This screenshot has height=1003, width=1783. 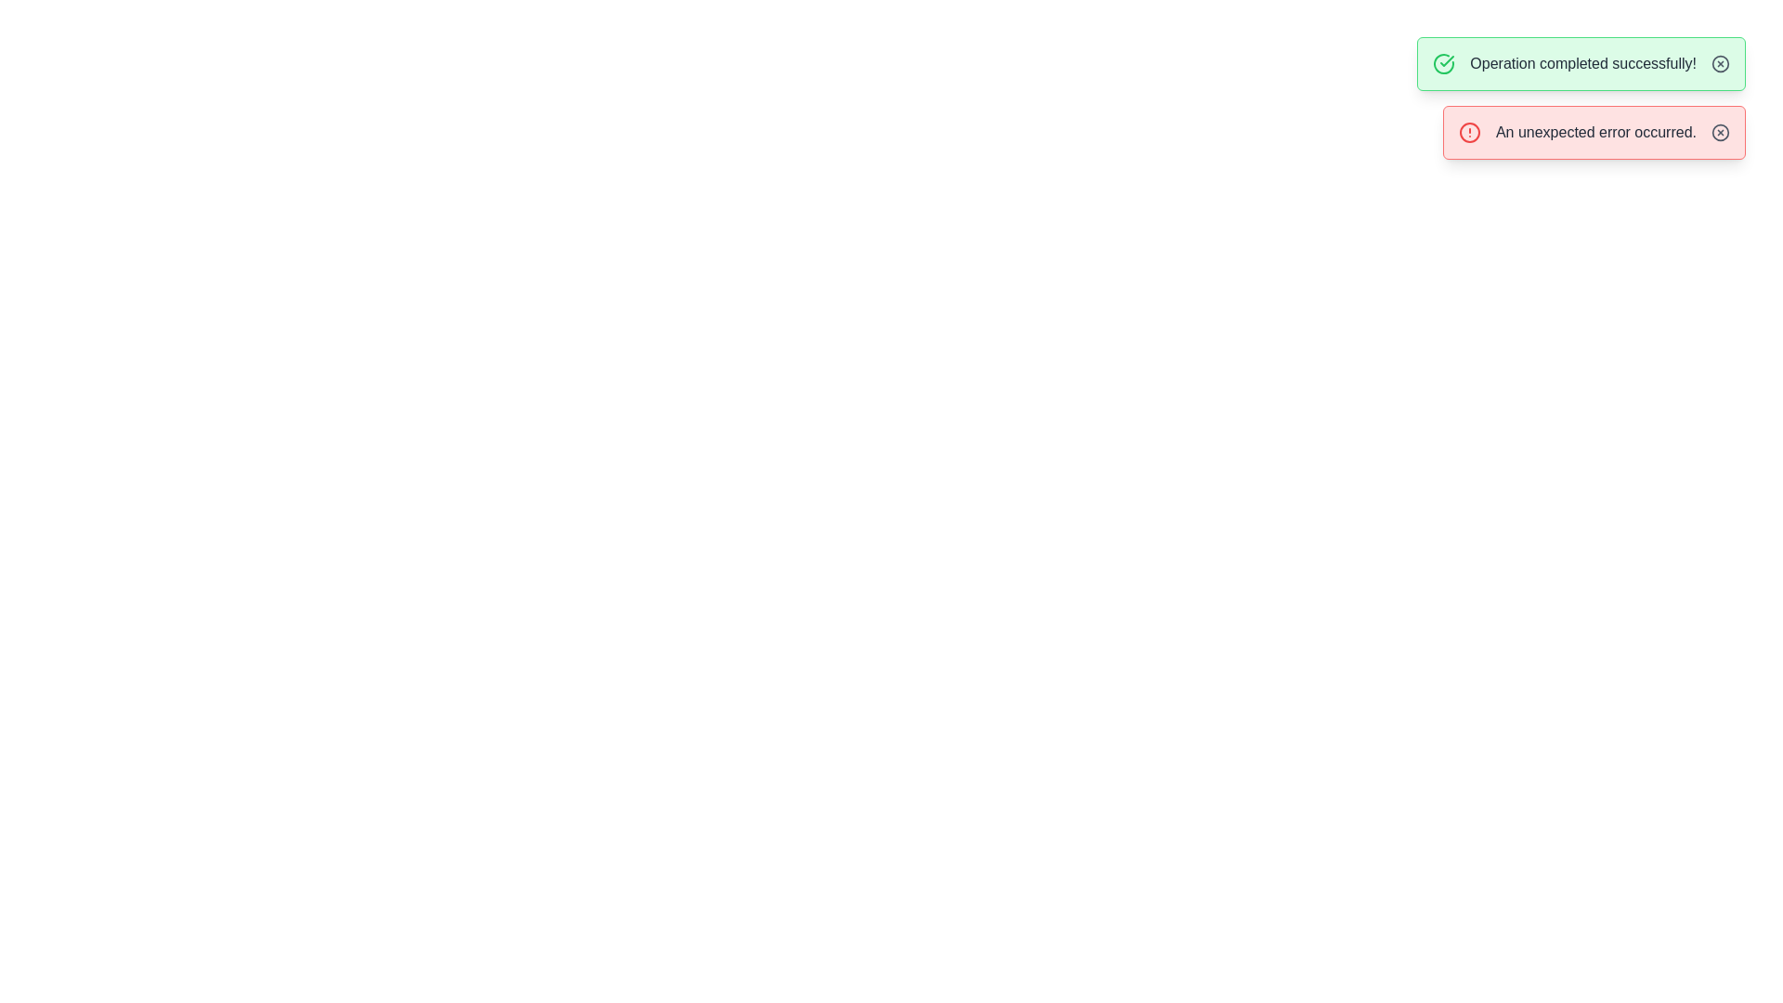 I want to click on the close button located at the far right end of the green notification bar containing the message 'Operation completed successfully!' to observe the color change, so click(x=1719, y=63).